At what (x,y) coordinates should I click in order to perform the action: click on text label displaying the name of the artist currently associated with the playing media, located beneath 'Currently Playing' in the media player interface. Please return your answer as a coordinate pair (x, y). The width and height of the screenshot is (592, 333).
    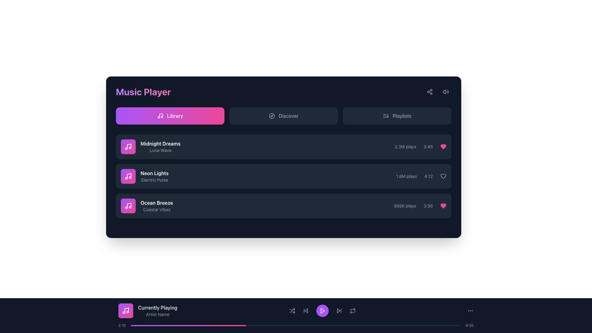
    Looking at the image, I should click on (158, 314).